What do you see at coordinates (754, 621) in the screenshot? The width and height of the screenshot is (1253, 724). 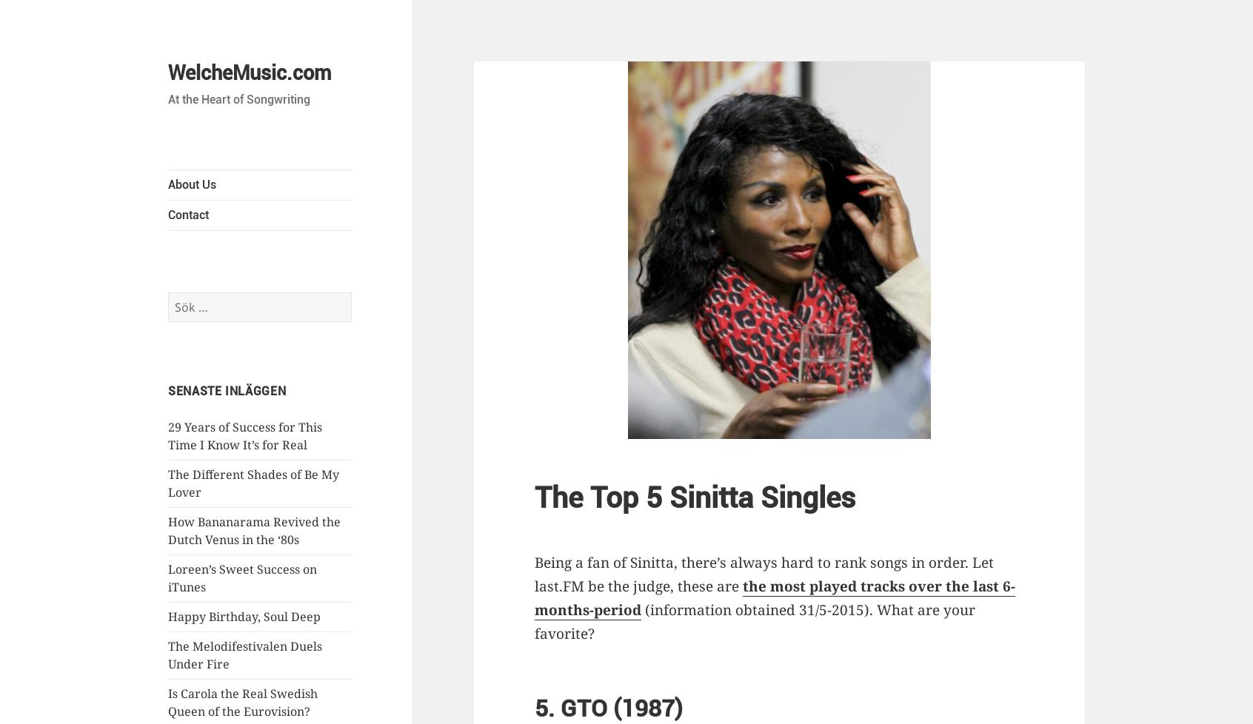 I see `'(information obtained 31/5-2015). What are your favorite?'` at bounding box center [754, 621].